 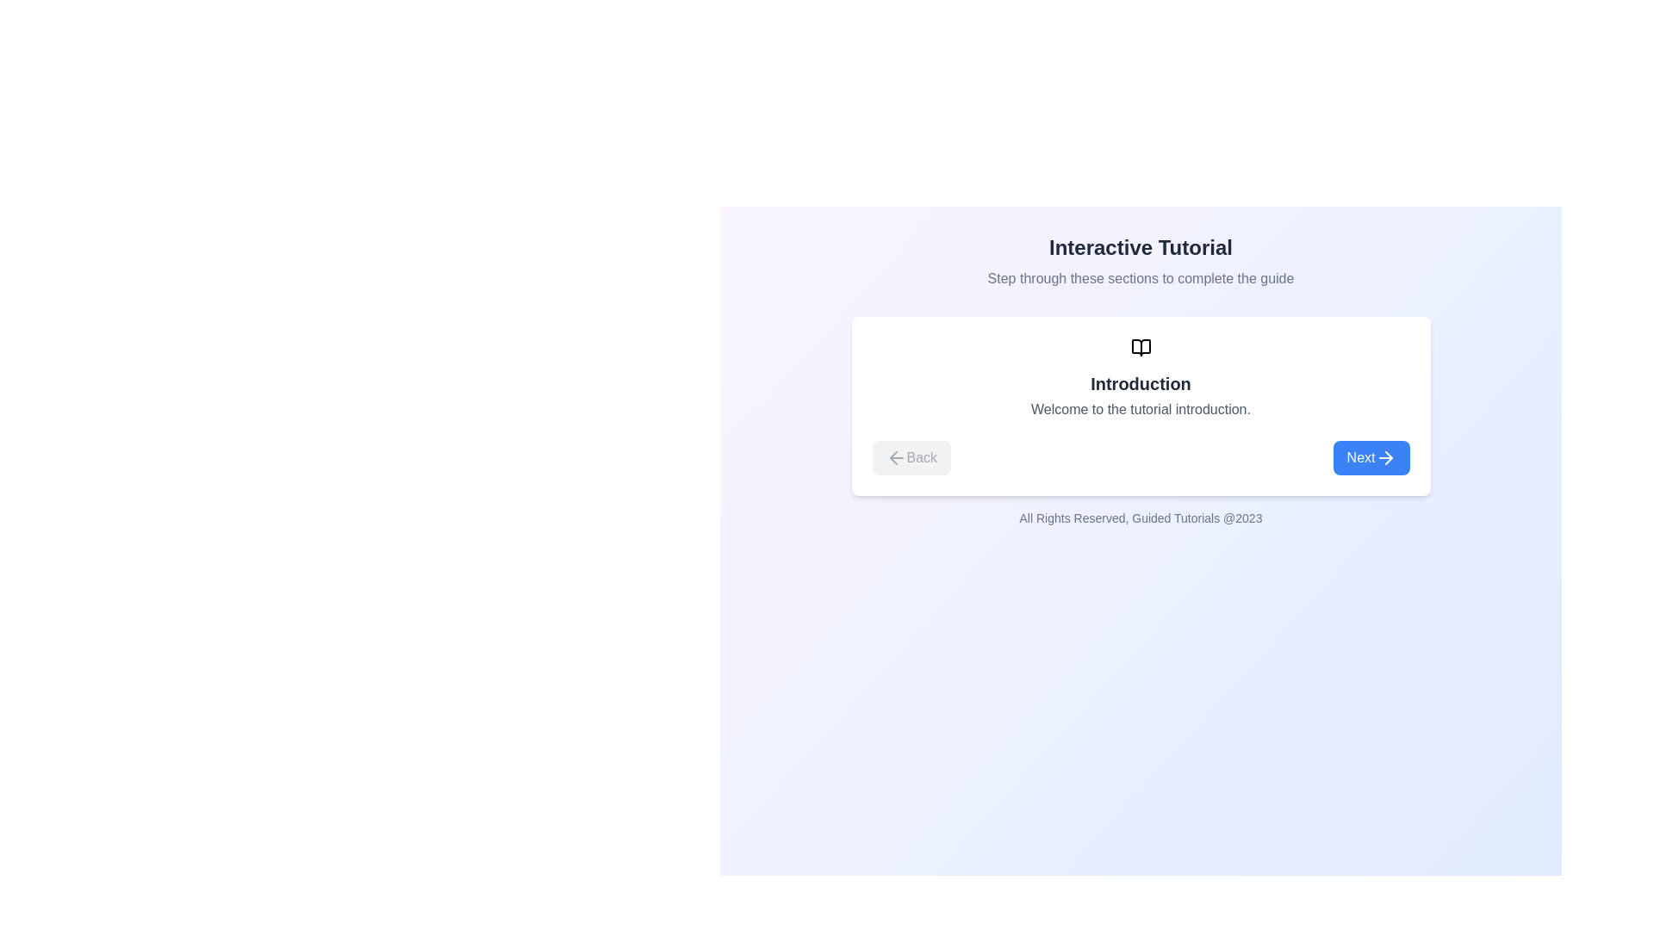 I want to click on the 'Next' button to navigate to the next step, so click(x=1371, y=457).